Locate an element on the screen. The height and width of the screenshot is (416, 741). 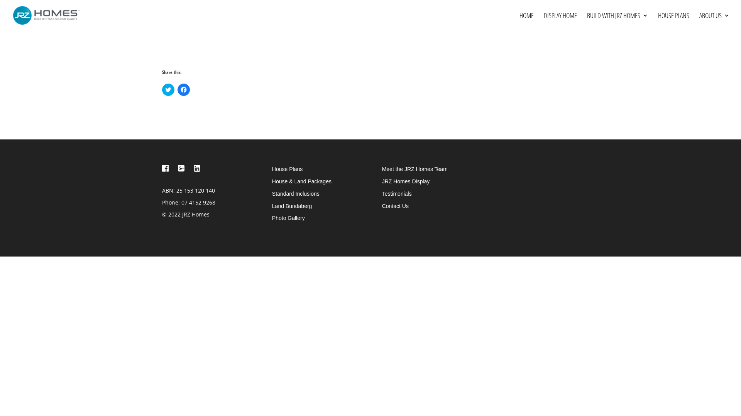
'07 4152 9268' is located at coordinates (181, 202).